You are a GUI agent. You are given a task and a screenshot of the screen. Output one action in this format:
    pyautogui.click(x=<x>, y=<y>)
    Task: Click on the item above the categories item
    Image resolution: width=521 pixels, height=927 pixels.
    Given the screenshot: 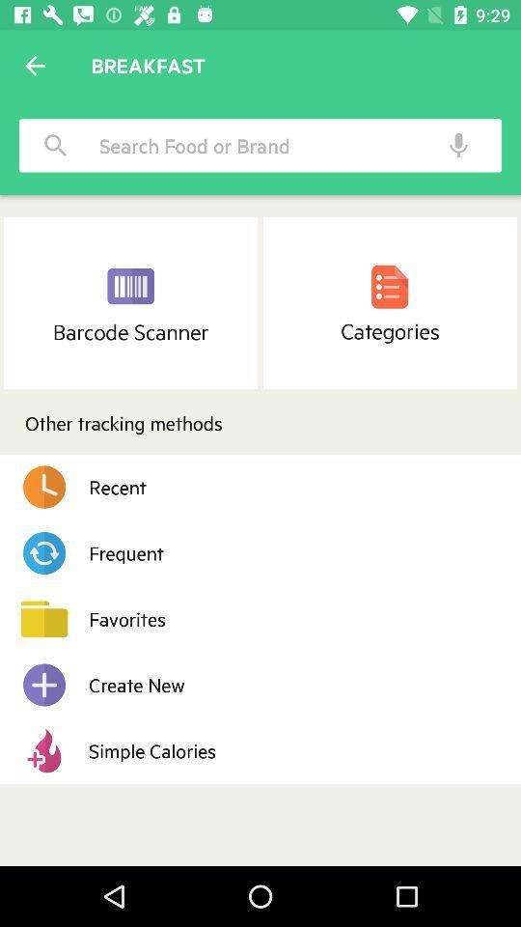 What is the action you would take?
    pyautogui.click(x=457, y=144)
    